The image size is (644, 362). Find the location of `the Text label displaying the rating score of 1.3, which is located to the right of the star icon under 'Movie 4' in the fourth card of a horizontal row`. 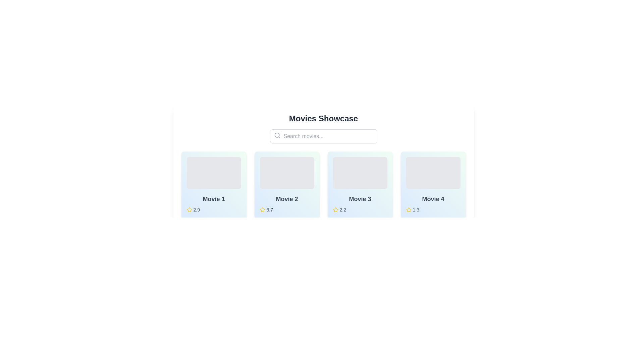

the Text label displaying the rating score of 1.3, which is located to the right of the star icon under 'Movie 4' in the fourth card of a horizontal row is located at coordinates (416, 209).